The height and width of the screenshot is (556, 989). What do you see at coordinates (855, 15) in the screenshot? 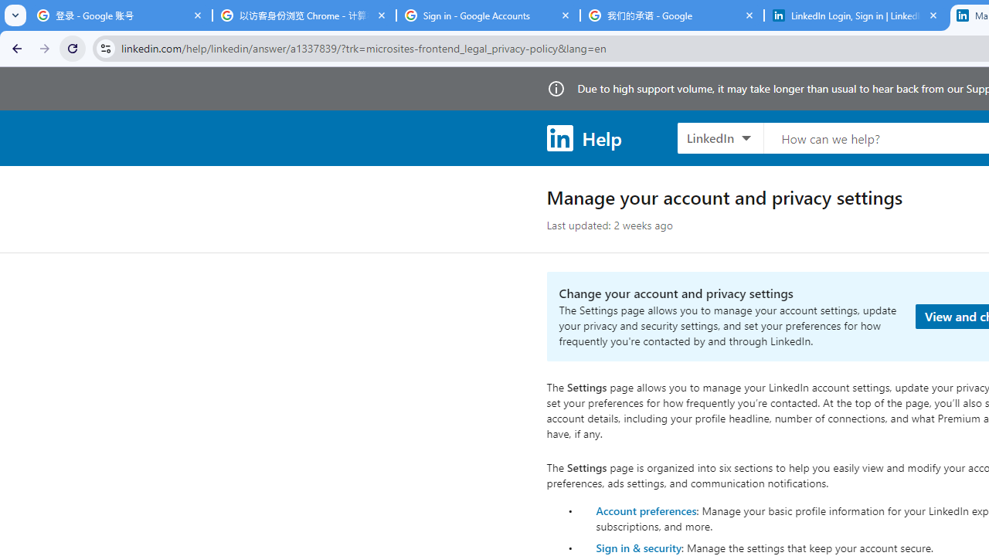
I see `'LinkedIn Login, Sign in | LinkedIn'` at bounding box center [855, 15].